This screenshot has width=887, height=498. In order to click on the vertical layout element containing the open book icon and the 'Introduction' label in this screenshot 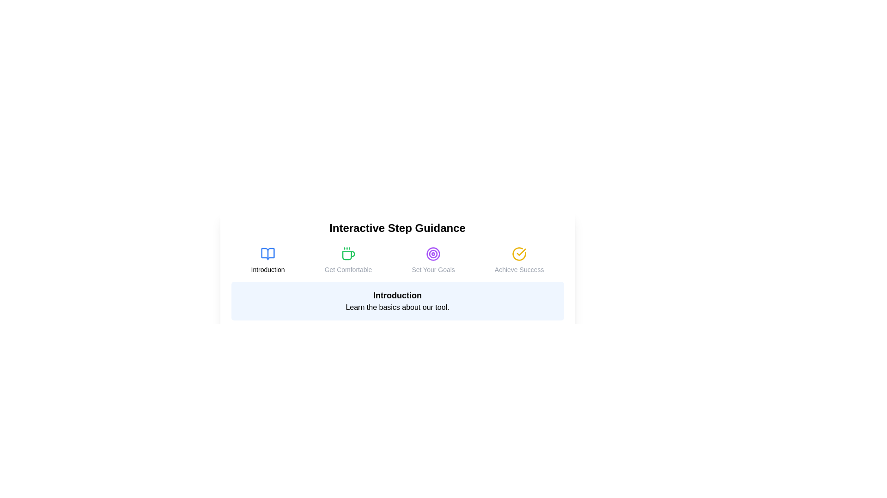, I will do `click(267, 260)`.